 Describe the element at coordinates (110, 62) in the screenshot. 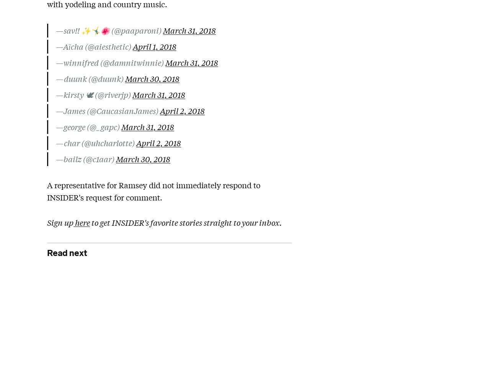

I see `'—winnifred  (@damnitwinnie)'` at that location.